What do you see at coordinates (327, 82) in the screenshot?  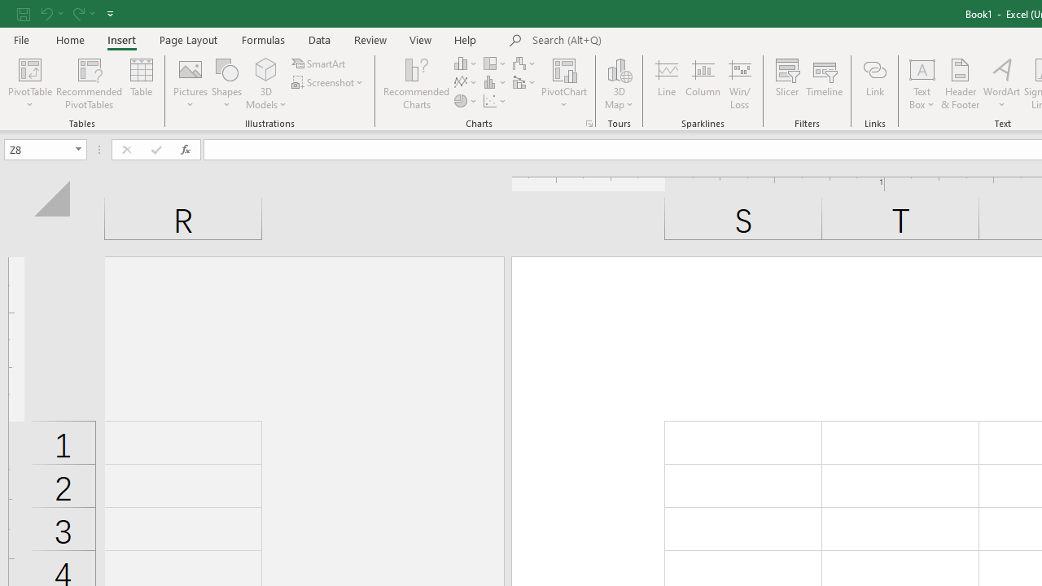 I see `'Screenshot'` at bounding box center [327, 82].